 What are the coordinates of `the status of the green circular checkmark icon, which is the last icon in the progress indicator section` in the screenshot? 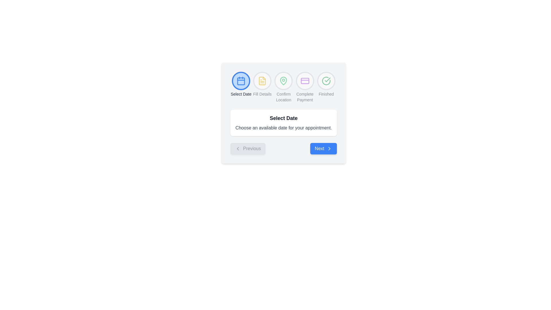 It's located at (326, 81).